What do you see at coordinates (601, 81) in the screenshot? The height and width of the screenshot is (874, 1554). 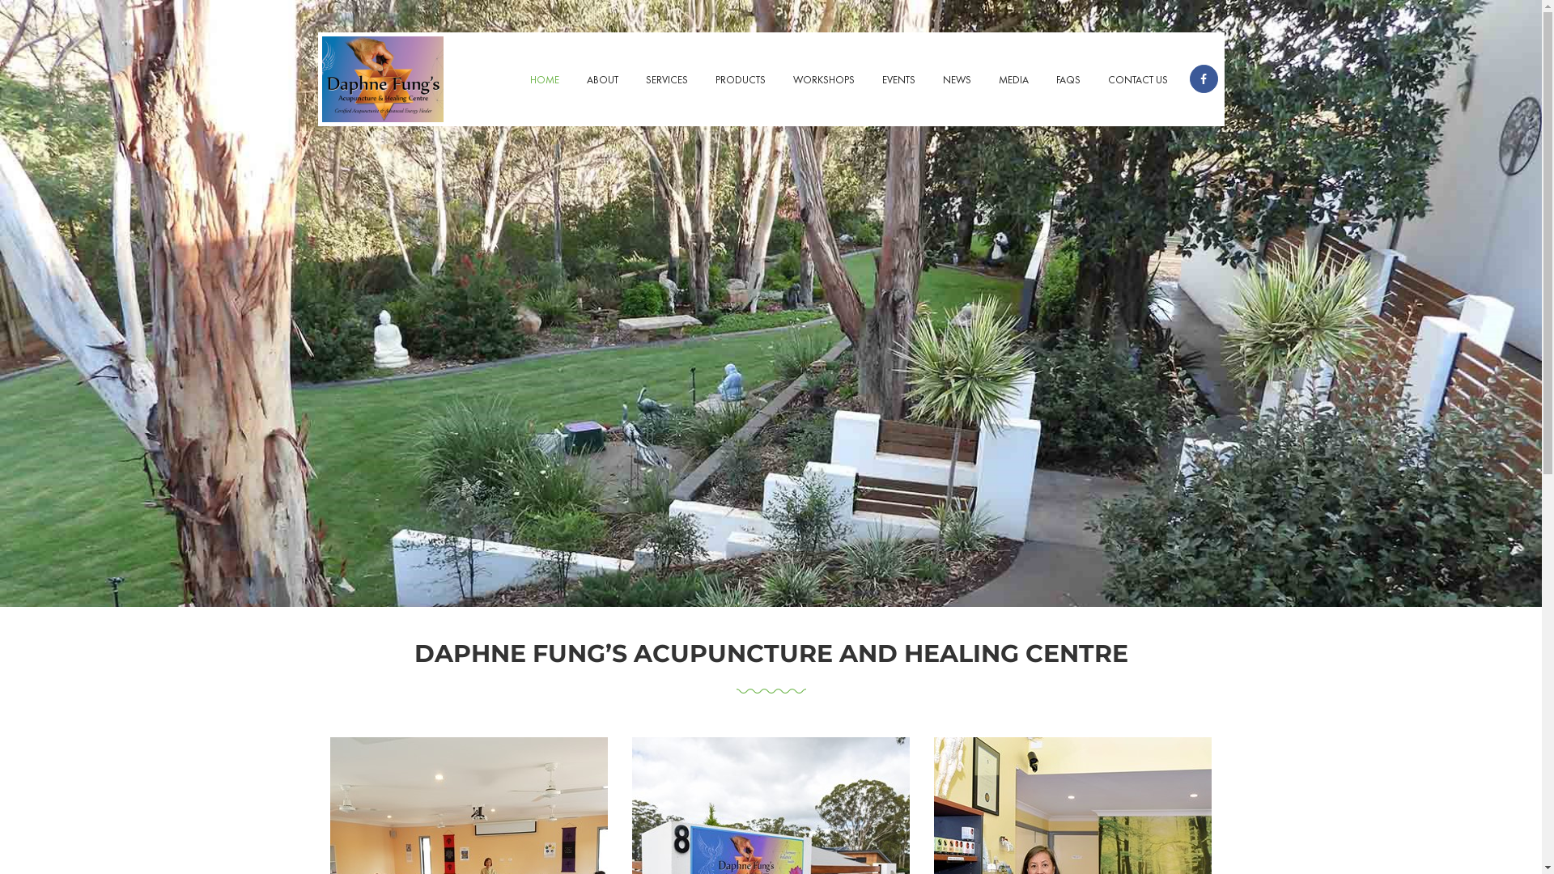 I see `'ABOUT'` at bounding box center [601, 81].